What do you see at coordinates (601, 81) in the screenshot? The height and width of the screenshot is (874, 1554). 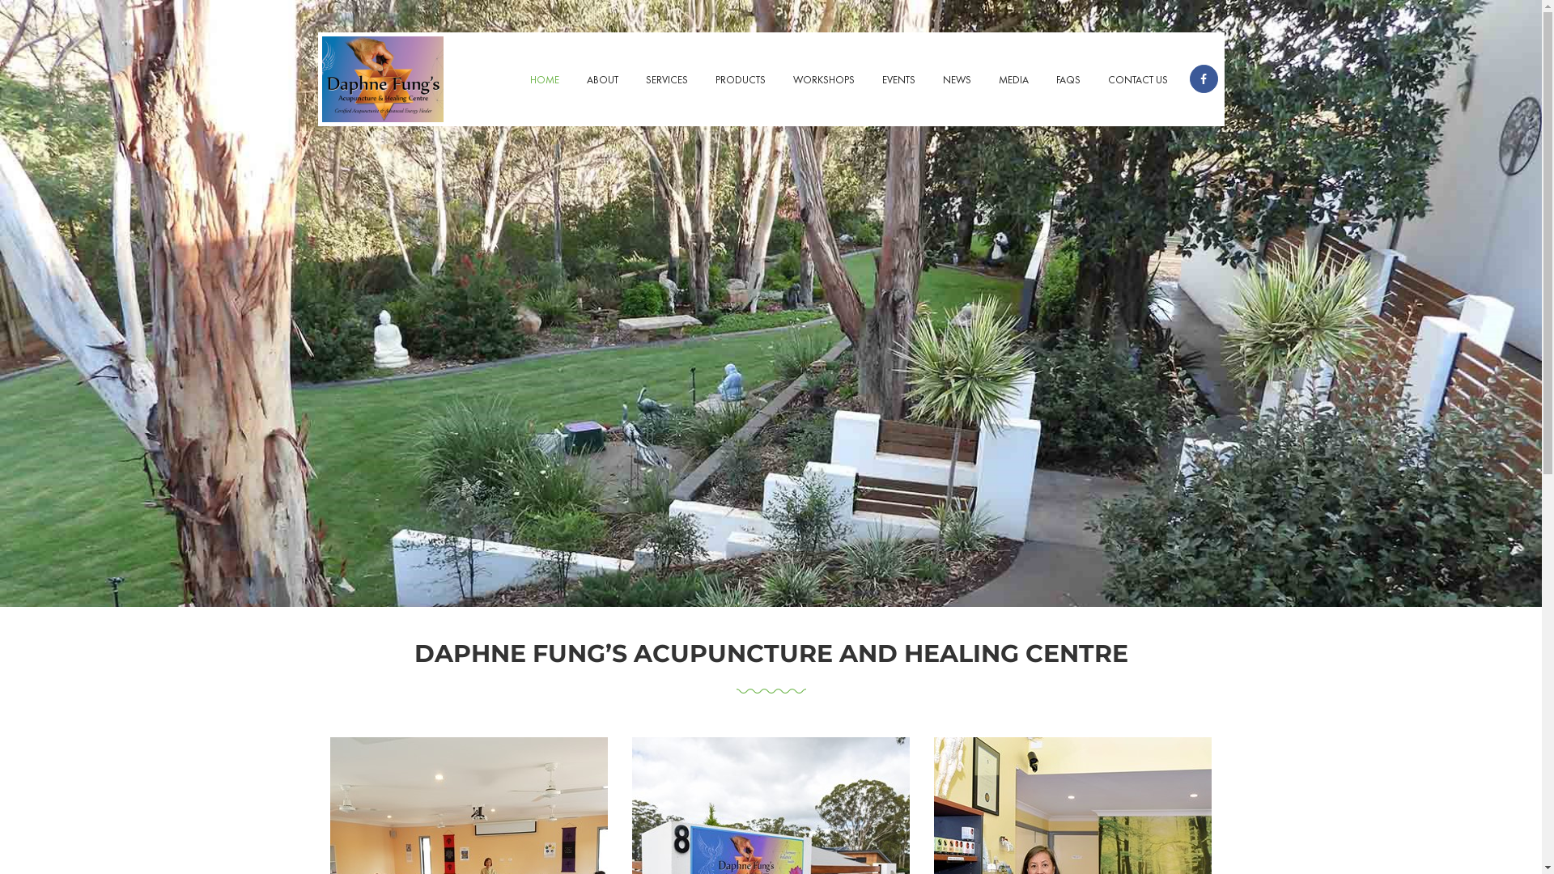 I see `'ABOUT'` at bounding box center [601, 81].